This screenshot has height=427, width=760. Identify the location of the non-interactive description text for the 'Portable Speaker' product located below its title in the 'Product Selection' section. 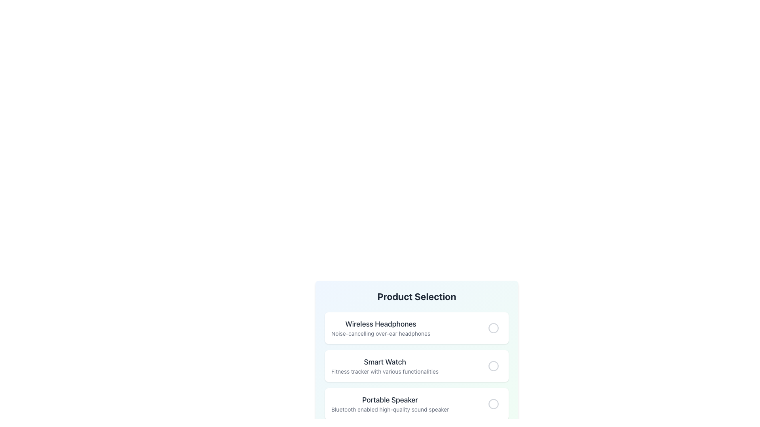
(390, 409).